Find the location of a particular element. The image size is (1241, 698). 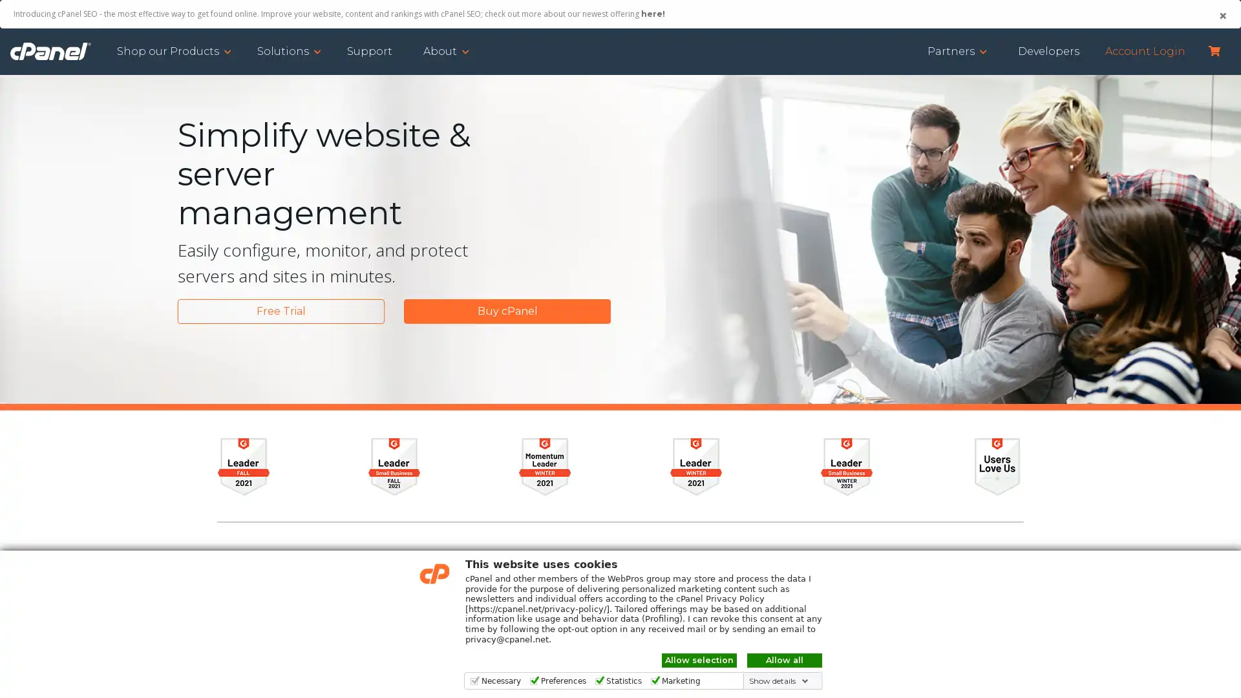

Close is located at coordinates (1222, 16).